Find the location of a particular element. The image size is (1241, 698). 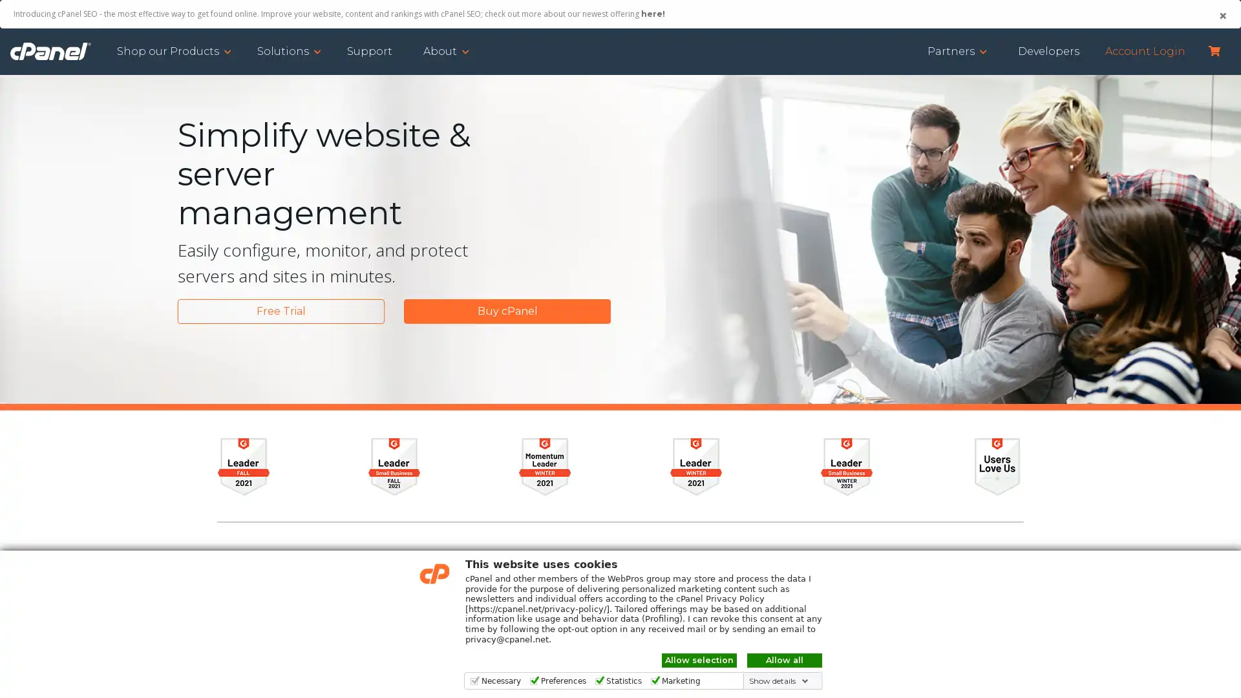

Close is located at coordinates (1222, 16).